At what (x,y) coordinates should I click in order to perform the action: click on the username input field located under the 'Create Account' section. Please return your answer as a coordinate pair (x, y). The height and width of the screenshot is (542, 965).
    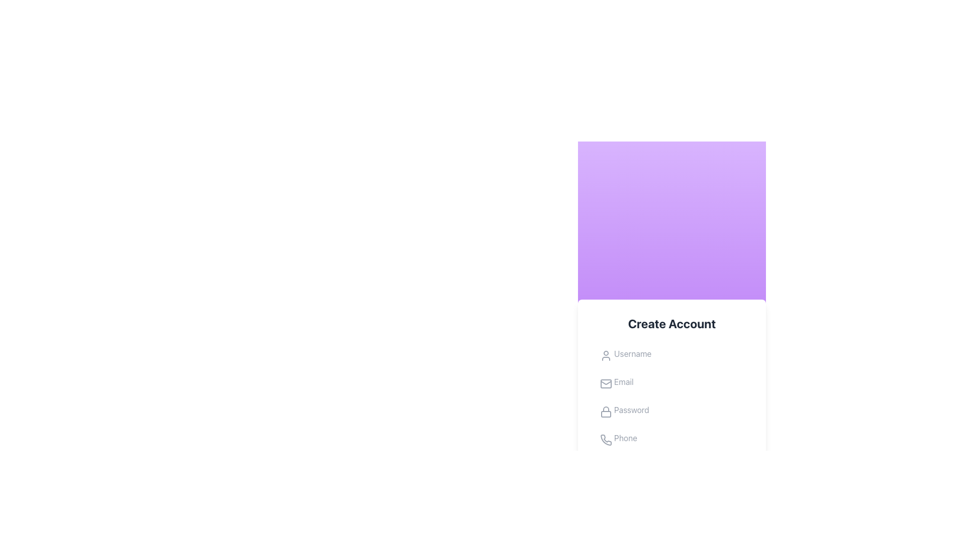
    Looking at the image, I should click on (672, 353).